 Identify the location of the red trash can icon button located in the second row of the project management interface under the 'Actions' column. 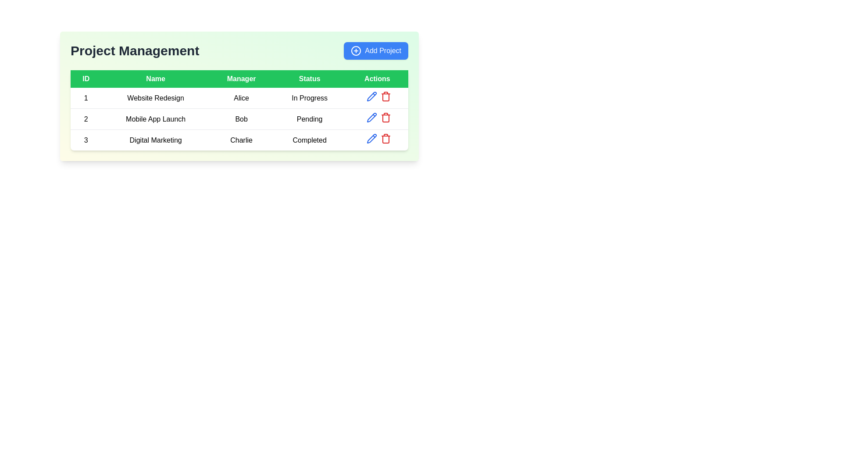
(386, 117).